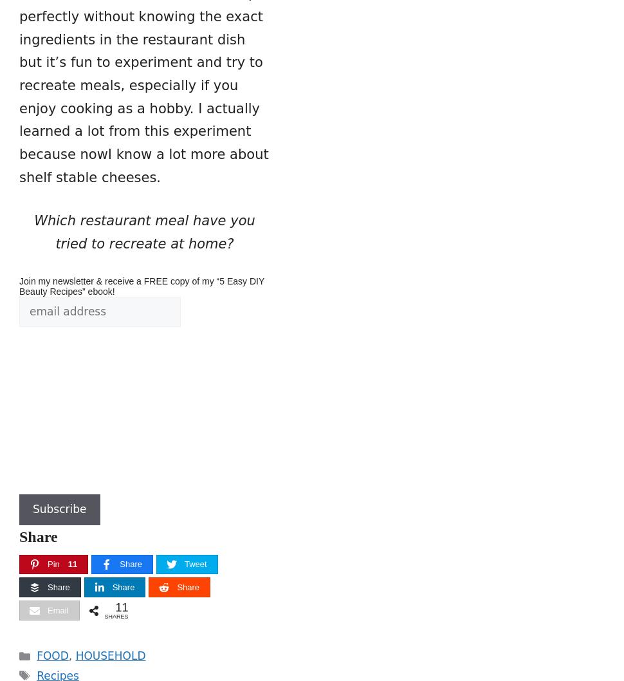 The width and height of the screenshot is (624, 681). Describe the element at coordinates (51, 655) in the screenshot. I see `'FOOD'` at that location.